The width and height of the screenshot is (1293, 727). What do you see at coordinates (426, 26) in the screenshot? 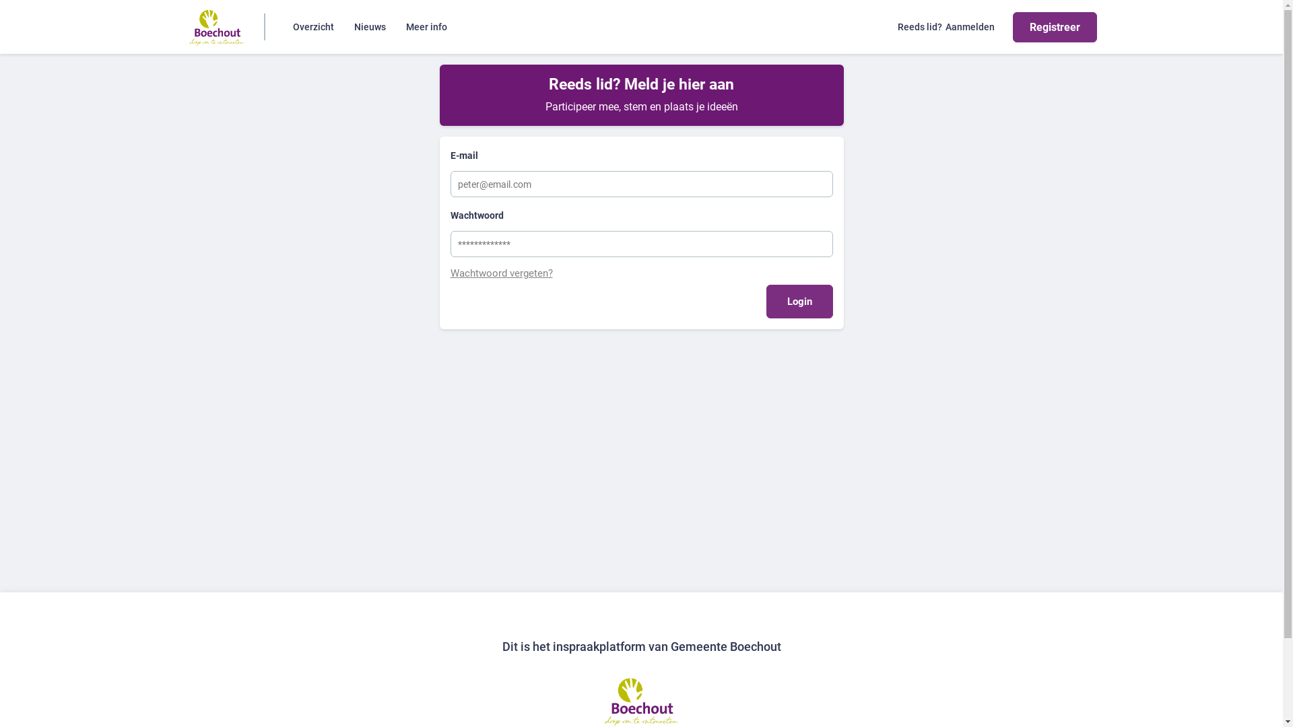
I see `'Meer info'` at bounding box center [426, 26].